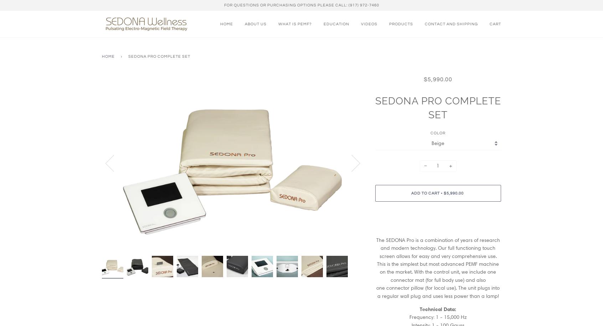 The height and width of the screenshot is (326, 603). Describe the element at coordinates (495, 23) in the screenshot. I see `'Cart'` at that location.